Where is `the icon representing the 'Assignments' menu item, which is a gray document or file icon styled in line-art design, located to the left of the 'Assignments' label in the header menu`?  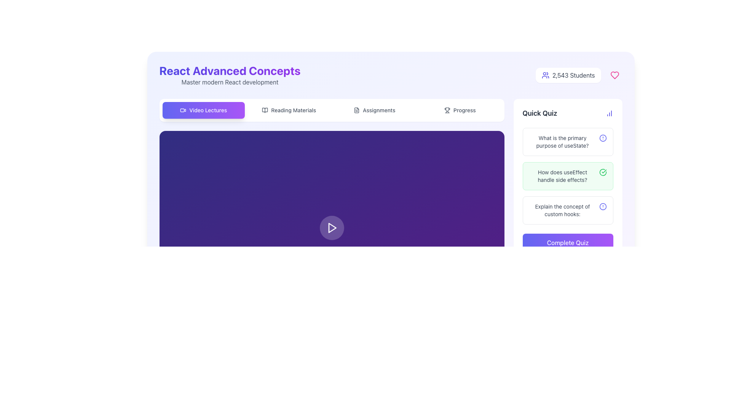
the icon representing the 'Assignments' menu item, which is a gray document or file icon styled in line-art design, located to the left of the 'Assignments' label in the header menu is located at coordinates (356, 110).